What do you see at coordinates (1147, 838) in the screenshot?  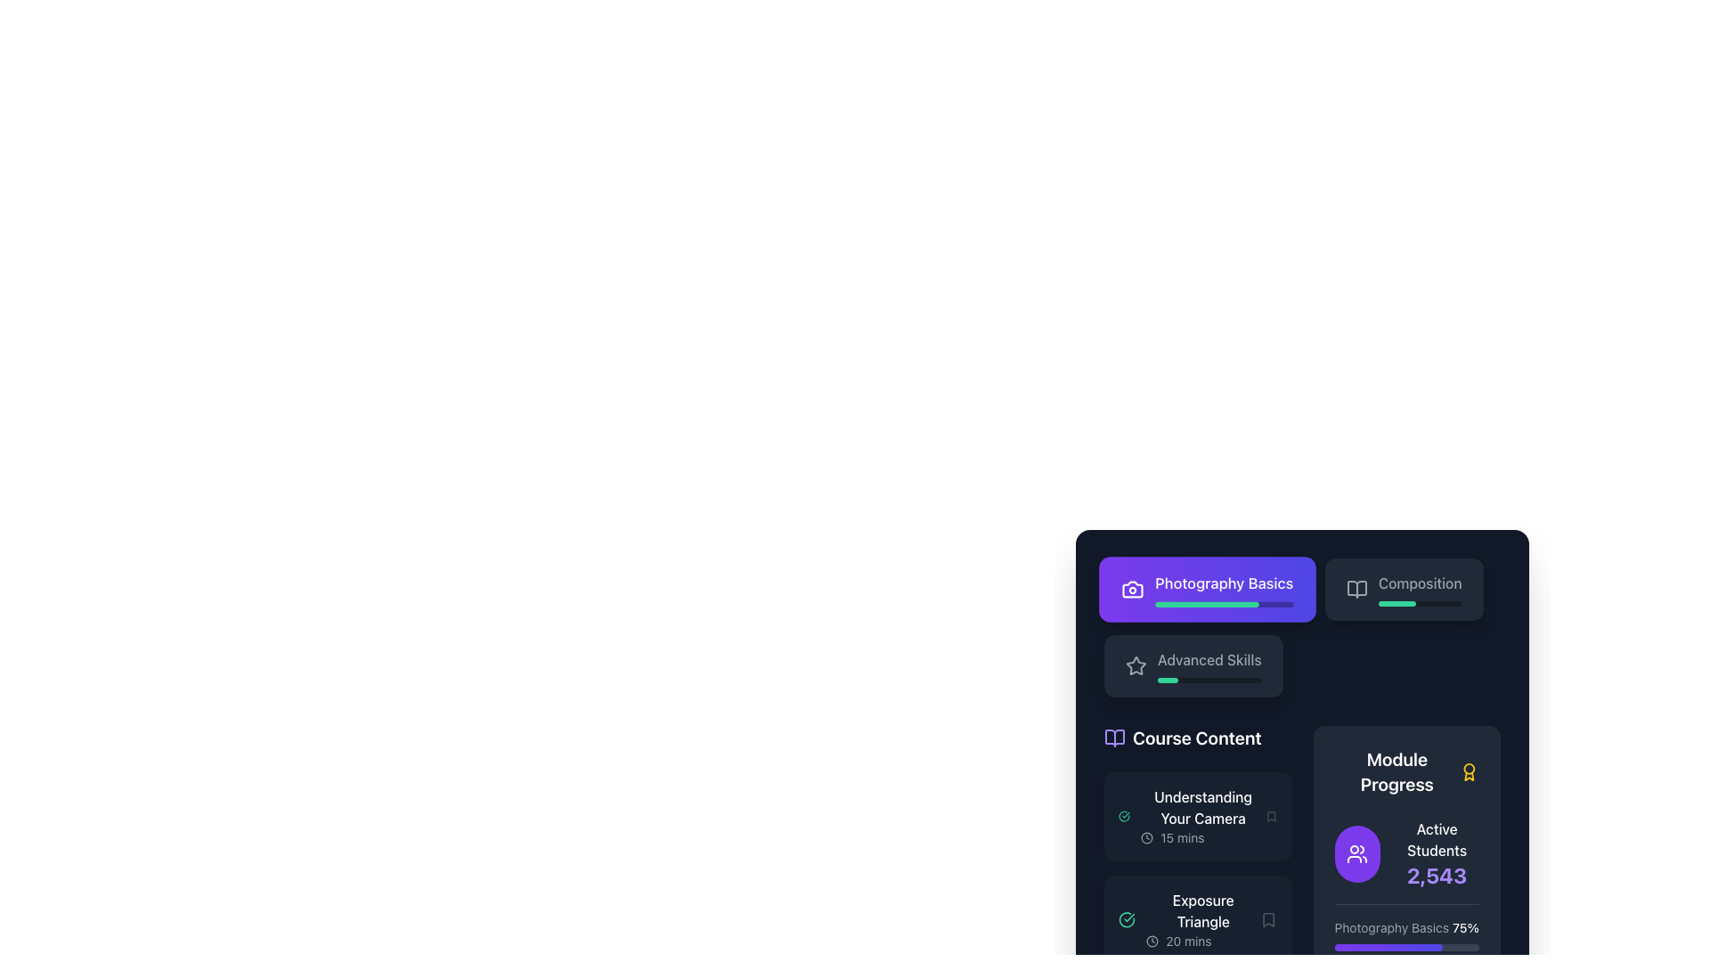 I see `the small circular SVG element that is part of the clock icon, located to the left of 'Understanding Your Camera' in the 'Course Content' section` at bounding box center [1147, 838].